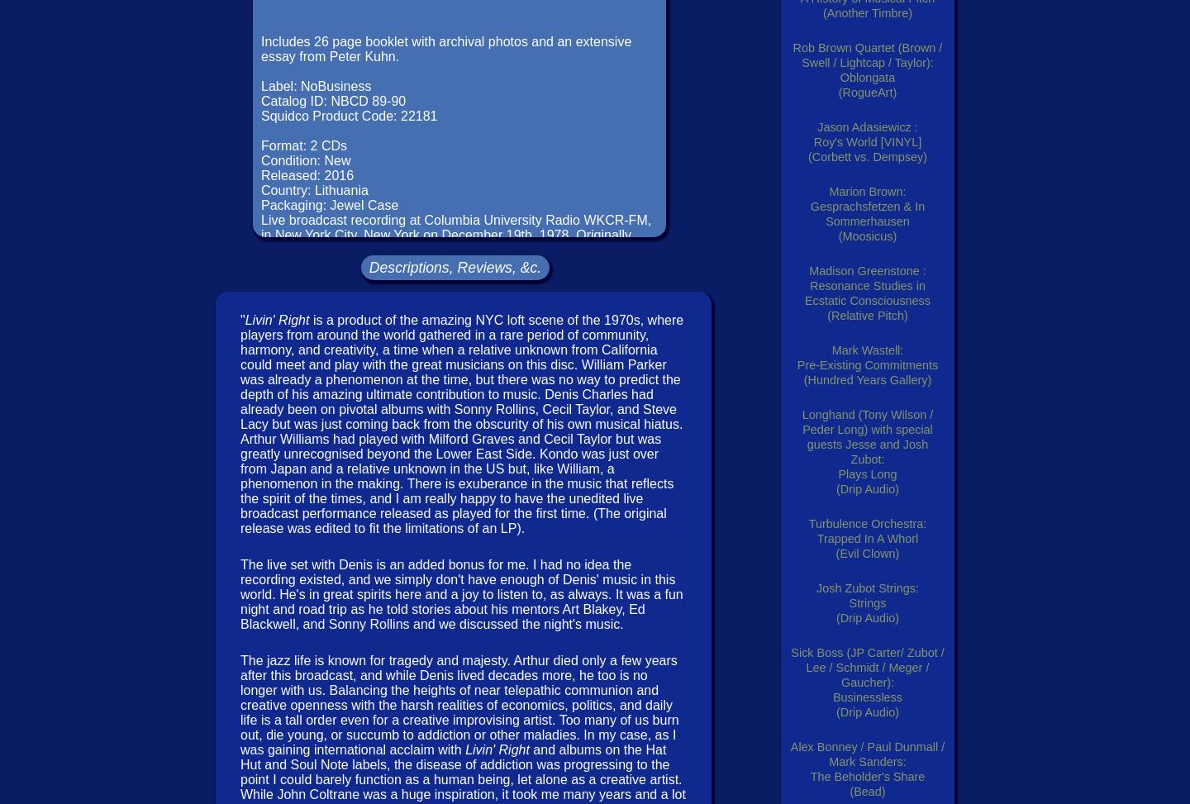  Describe the element at coordinates (809, 776) in the screenshot. I see `'The Beholder's Share'` at that location.